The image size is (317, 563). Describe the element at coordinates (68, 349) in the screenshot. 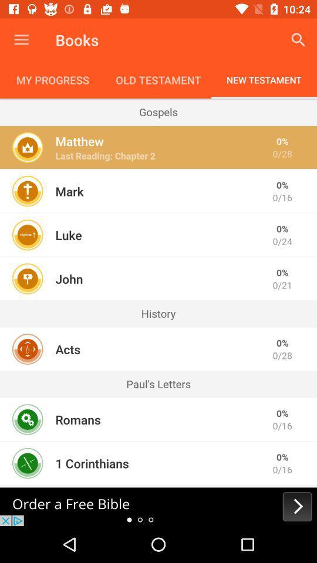

I see `icon above paul's letters item` at that location.